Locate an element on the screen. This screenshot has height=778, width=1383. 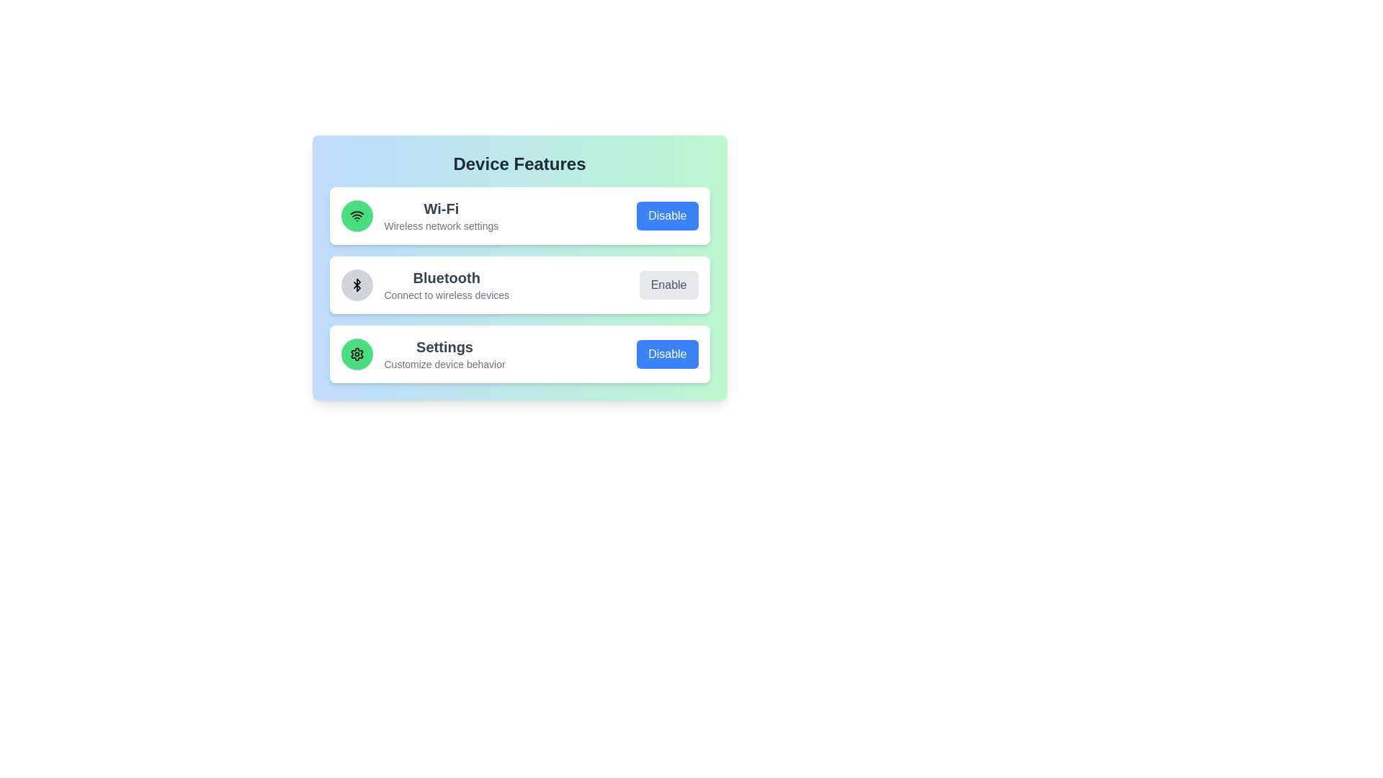
the icon representing the Bluetooth feature is located at coordinates (357, 285).